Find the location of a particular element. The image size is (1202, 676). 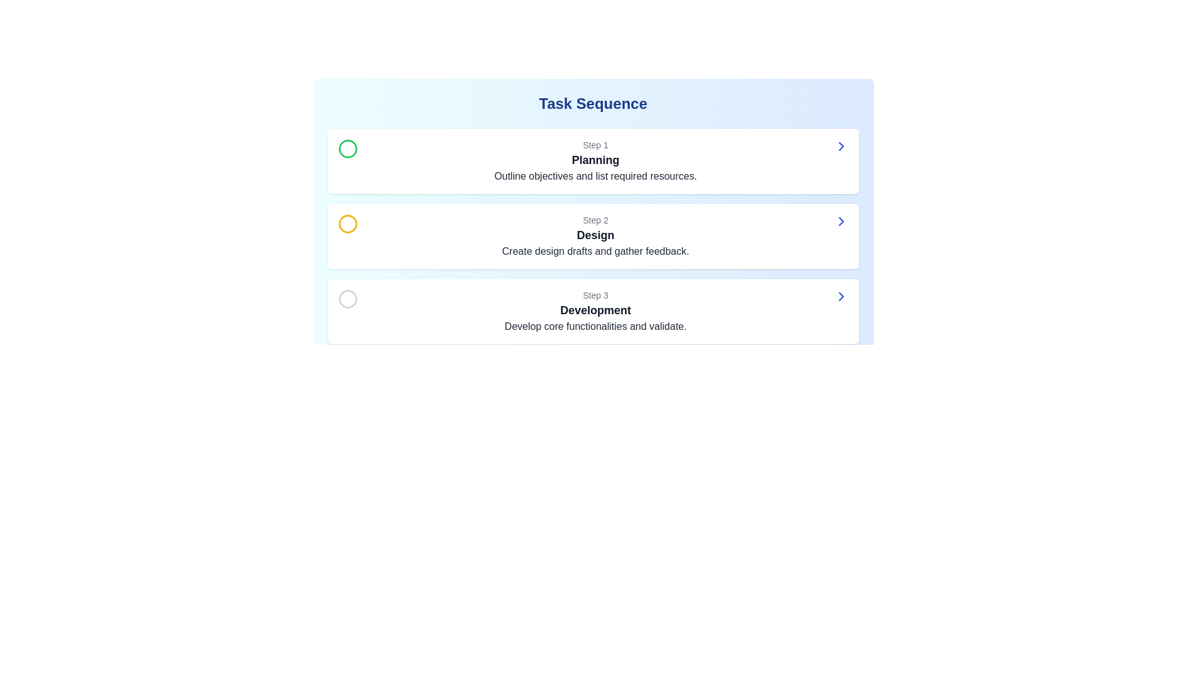

the circular state indicator icon located to the far left of the 'Step 3 Development' in the task sequence layout is located at coordinates (347, 299).